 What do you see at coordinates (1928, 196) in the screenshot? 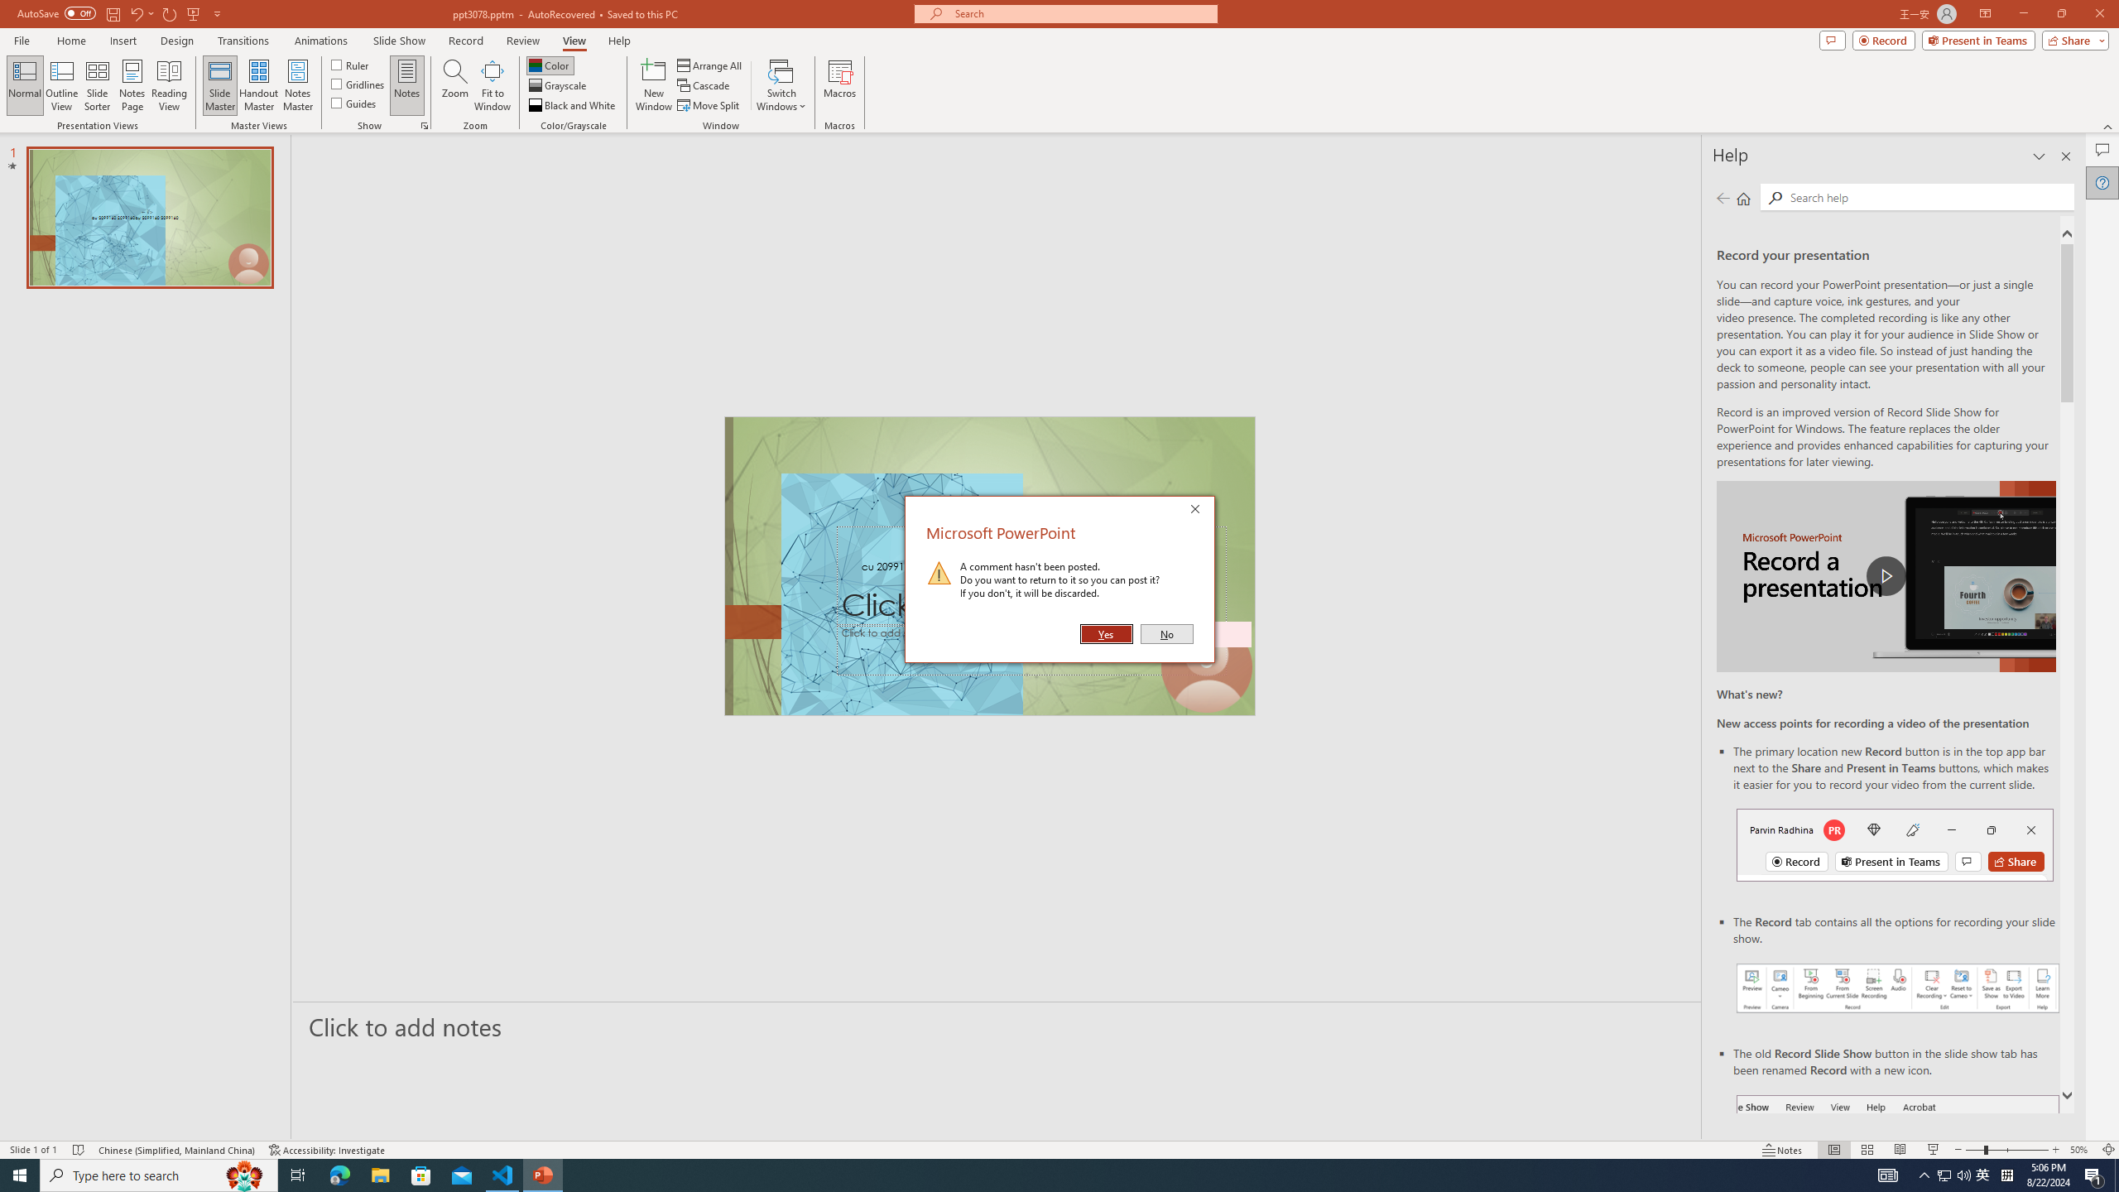
I see `'Search'` at bounding box center [1928, 196].